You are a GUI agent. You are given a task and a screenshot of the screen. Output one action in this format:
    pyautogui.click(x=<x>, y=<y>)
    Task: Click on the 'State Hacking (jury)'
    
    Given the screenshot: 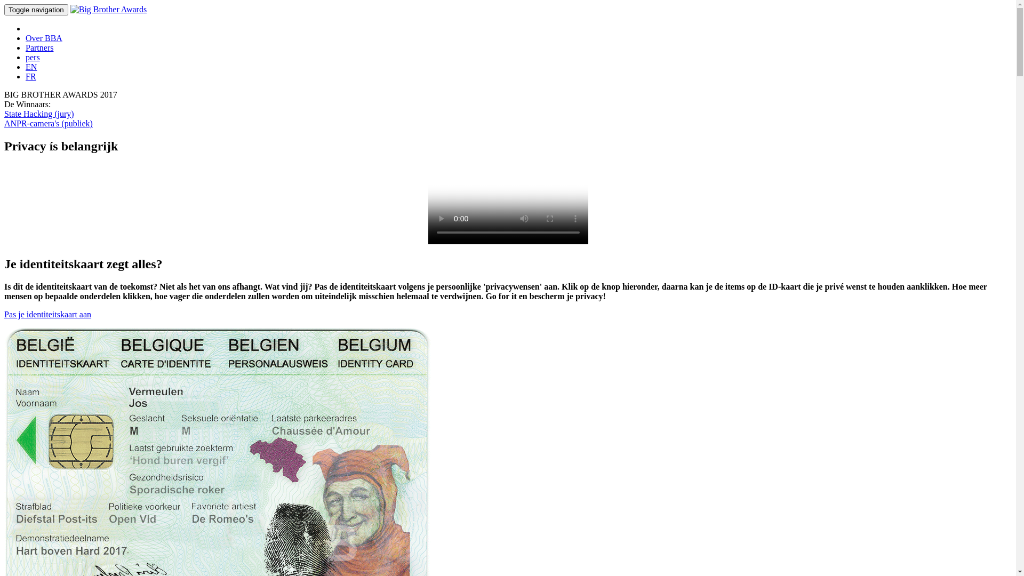 What is the action you would take?
    pyautogui.click(x=39, y=114)
    